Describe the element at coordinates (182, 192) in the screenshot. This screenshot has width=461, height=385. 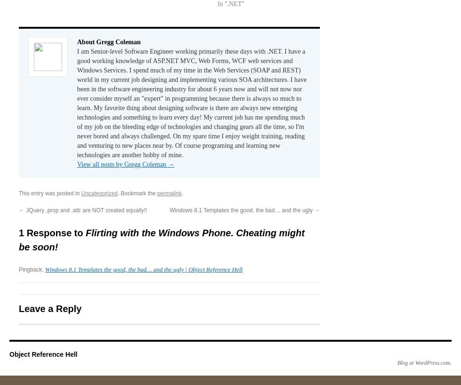
I see `'.'` at that location.